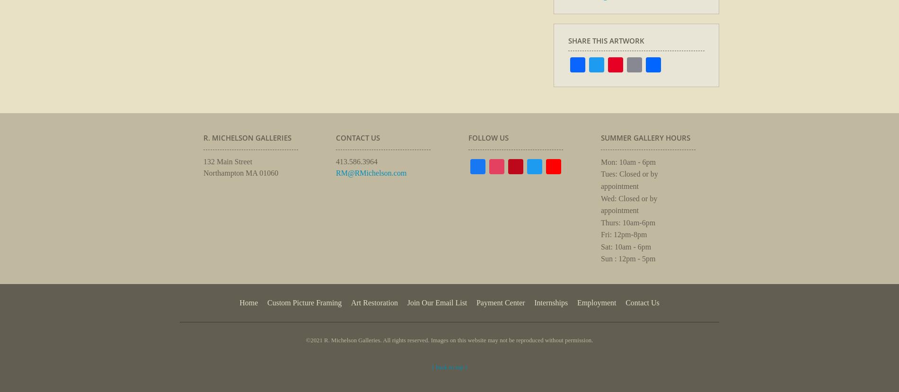 This screenshot has width=899, height=392. I want to click on 'Fri: 12pm-8pm', so click(600, 234).